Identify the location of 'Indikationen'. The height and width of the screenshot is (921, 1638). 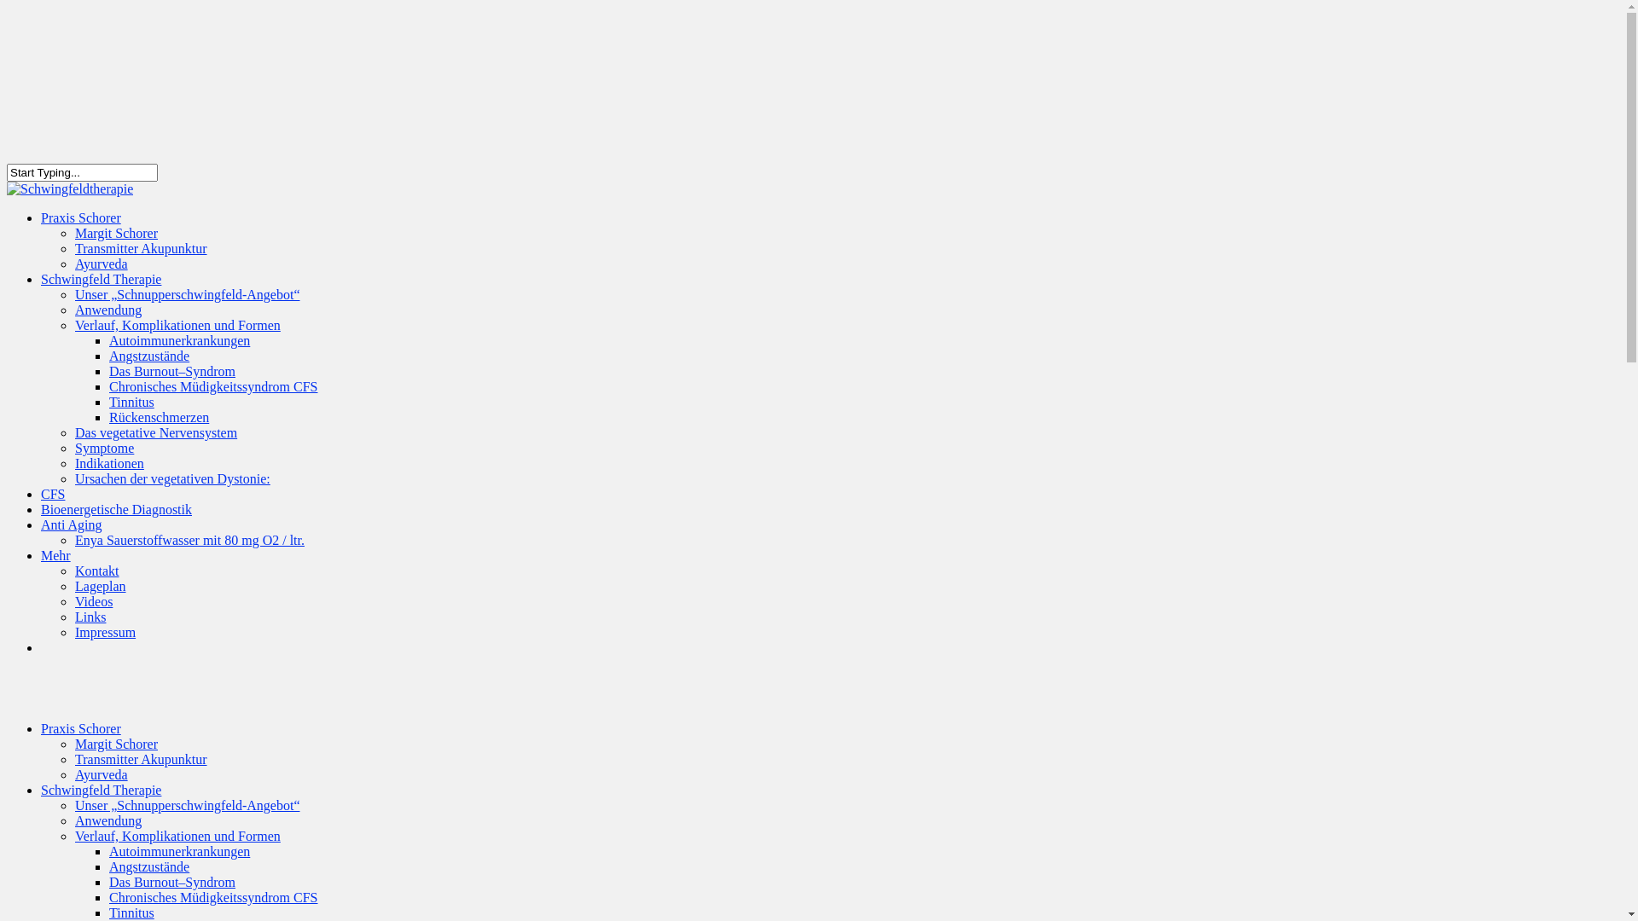
(108, 463).